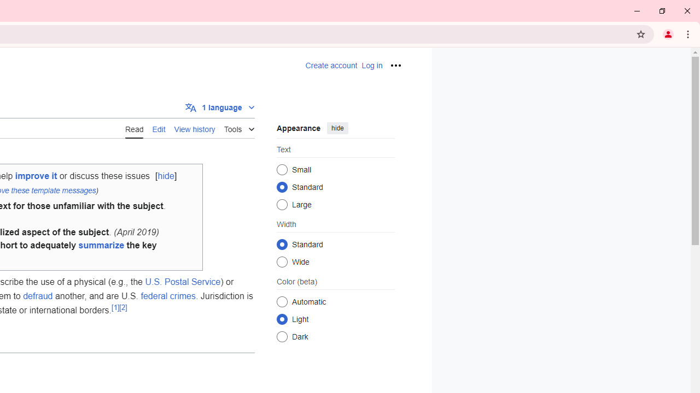  Describe the element at coordinates (36, 175) in the screenshot. I see `'improve it'` at that location.